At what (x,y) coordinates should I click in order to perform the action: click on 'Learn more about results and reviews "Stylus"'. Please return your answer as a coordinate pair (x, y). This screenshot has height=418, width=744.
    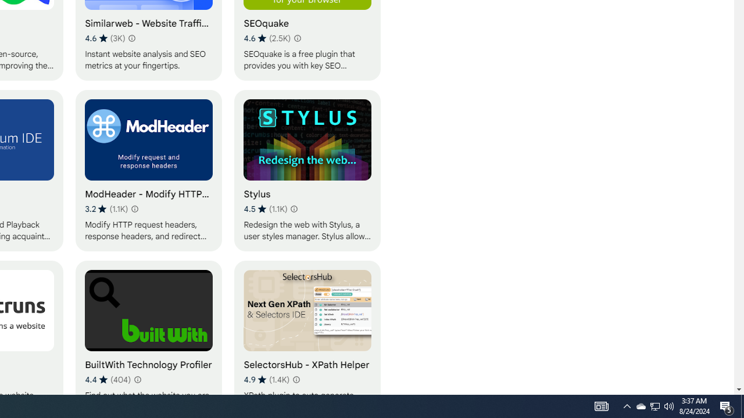
    Looking at the image, I should click on (294, 209).